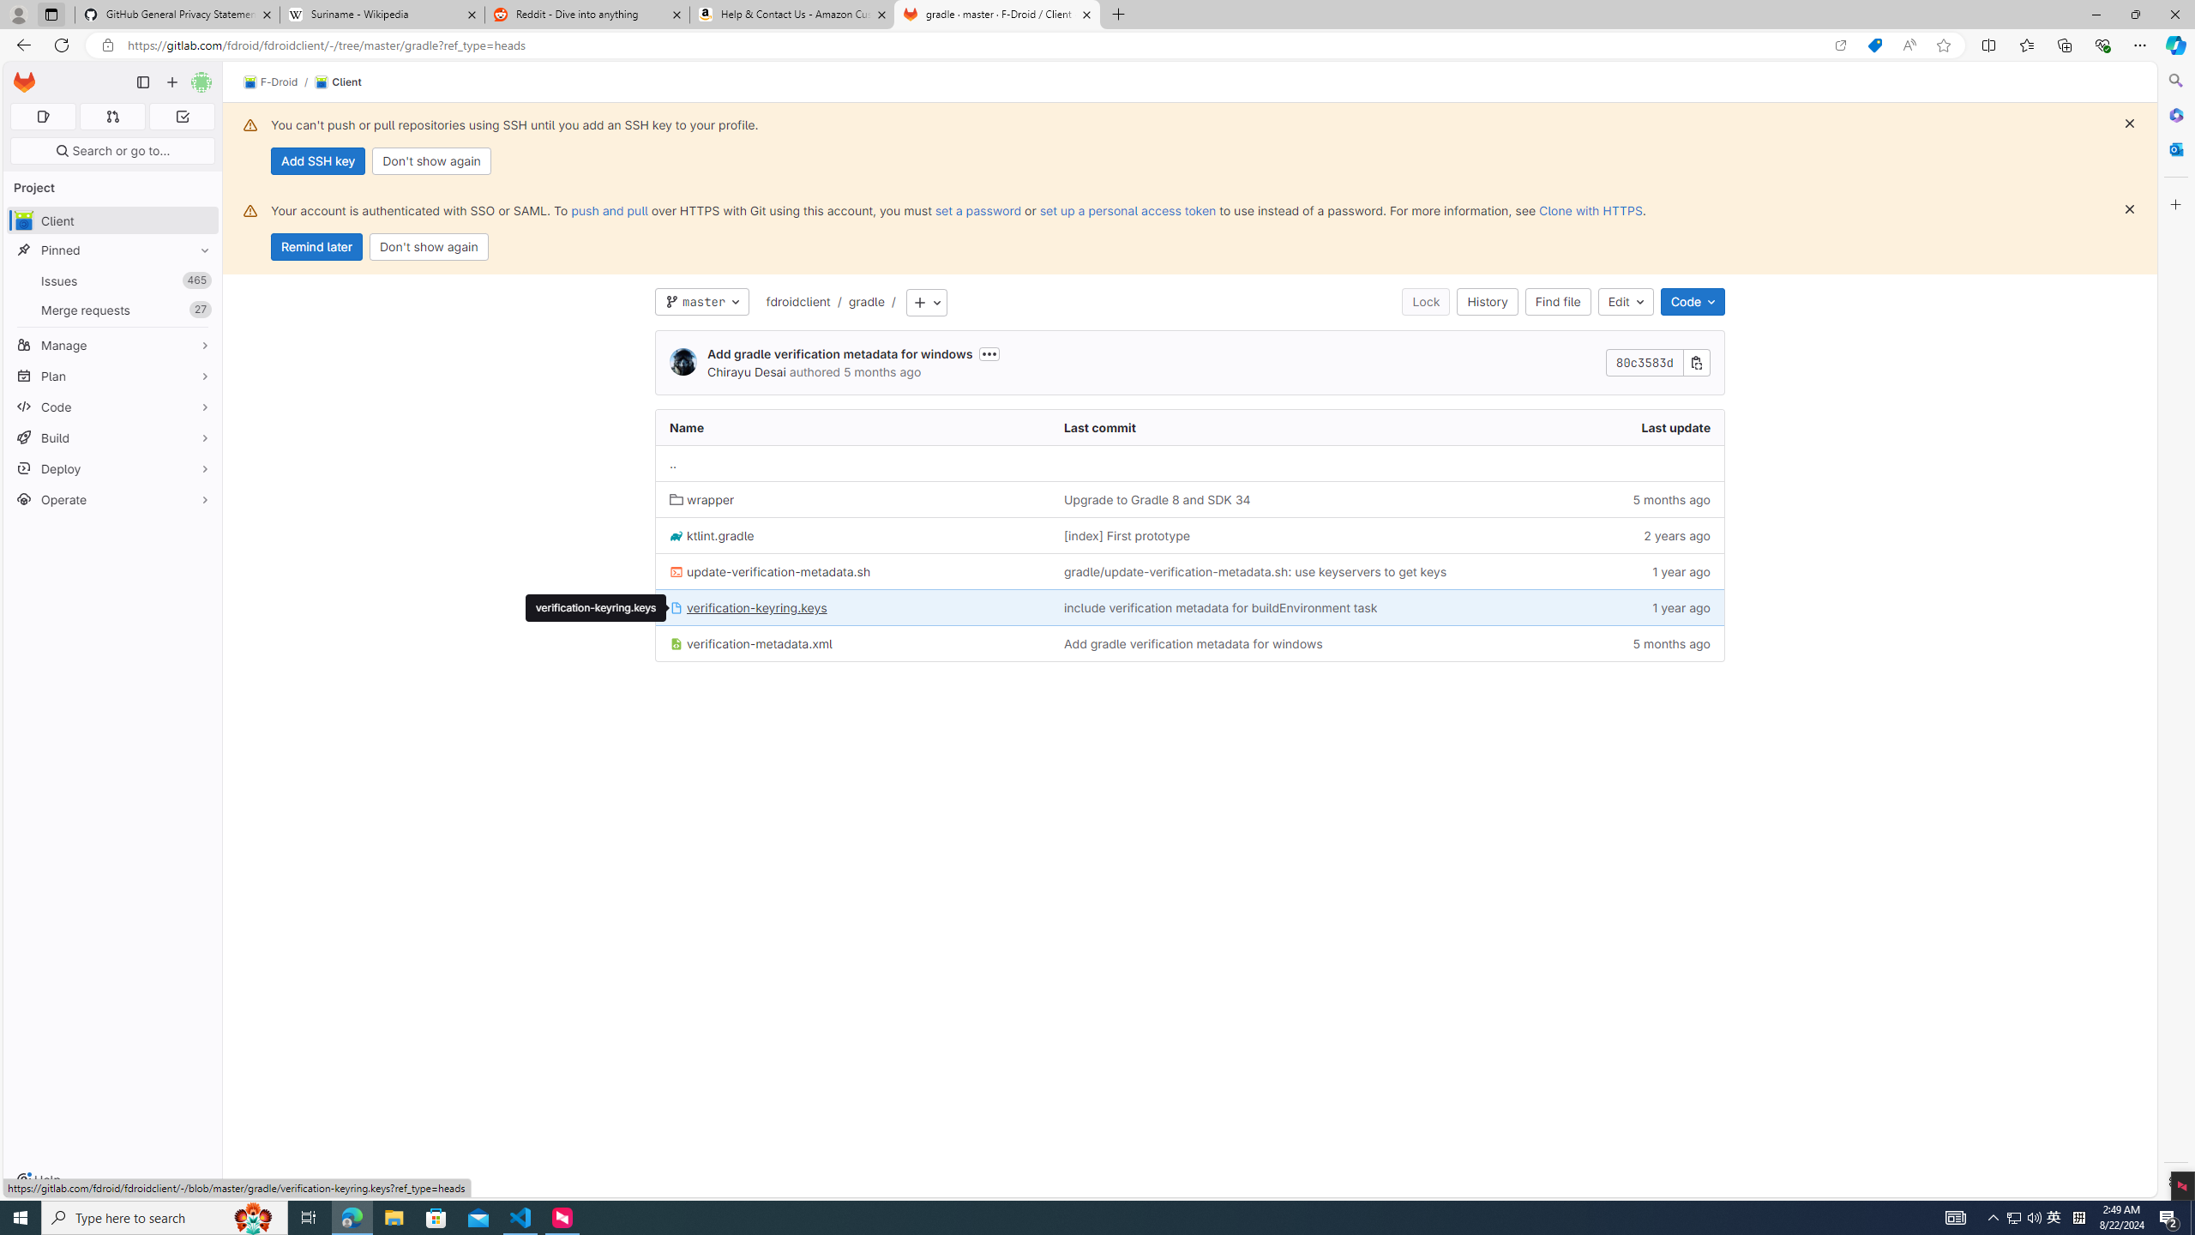  I want to click on 'Primary navigation sidebar', so click(142, 81).